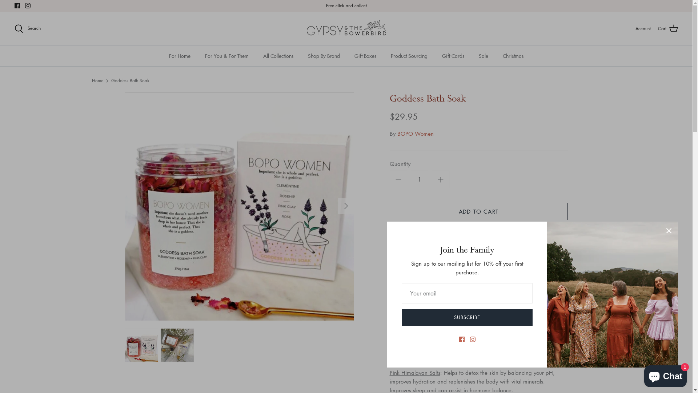  Describe the element at coordinates (130, 80) in the screenshot. I see `'Goddess Bath Soak'` at that location.